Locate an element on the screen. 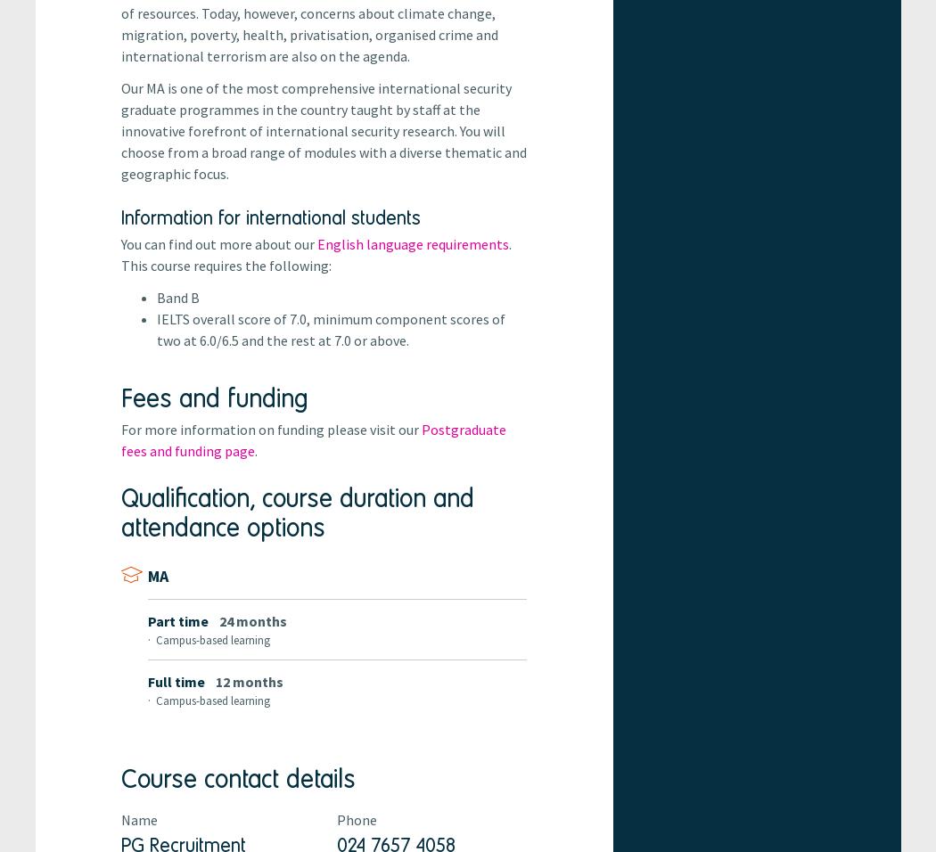 The height and width of the screenshot is (852, 936). 'For more information on funding please visit our' is located at coordinates (270, 427).